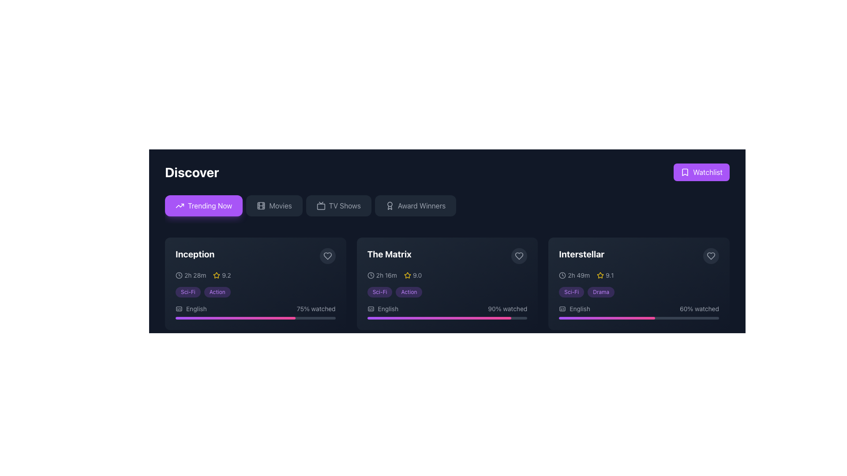  What do you see at coordinates (235, 318) in the screenshot?
I see `the progress bar indicating 75% completion for the movie 'Inception', located at the bottom of the card` at bounding box center [235, 318].